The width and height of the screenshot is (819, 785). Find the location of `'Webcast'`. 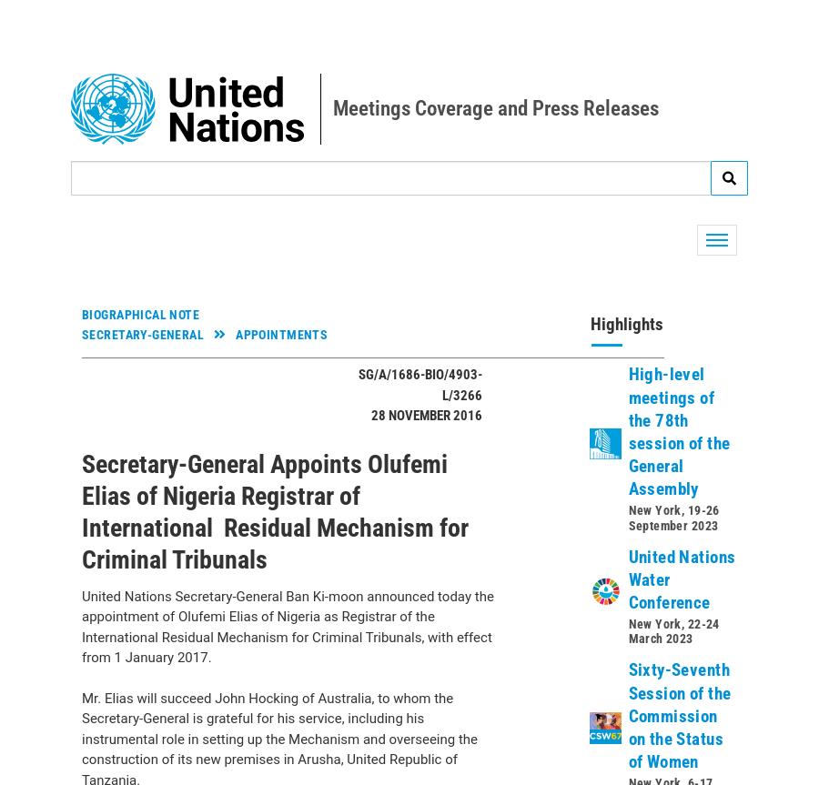

'Webcast' is located at coordinates (127, 723).